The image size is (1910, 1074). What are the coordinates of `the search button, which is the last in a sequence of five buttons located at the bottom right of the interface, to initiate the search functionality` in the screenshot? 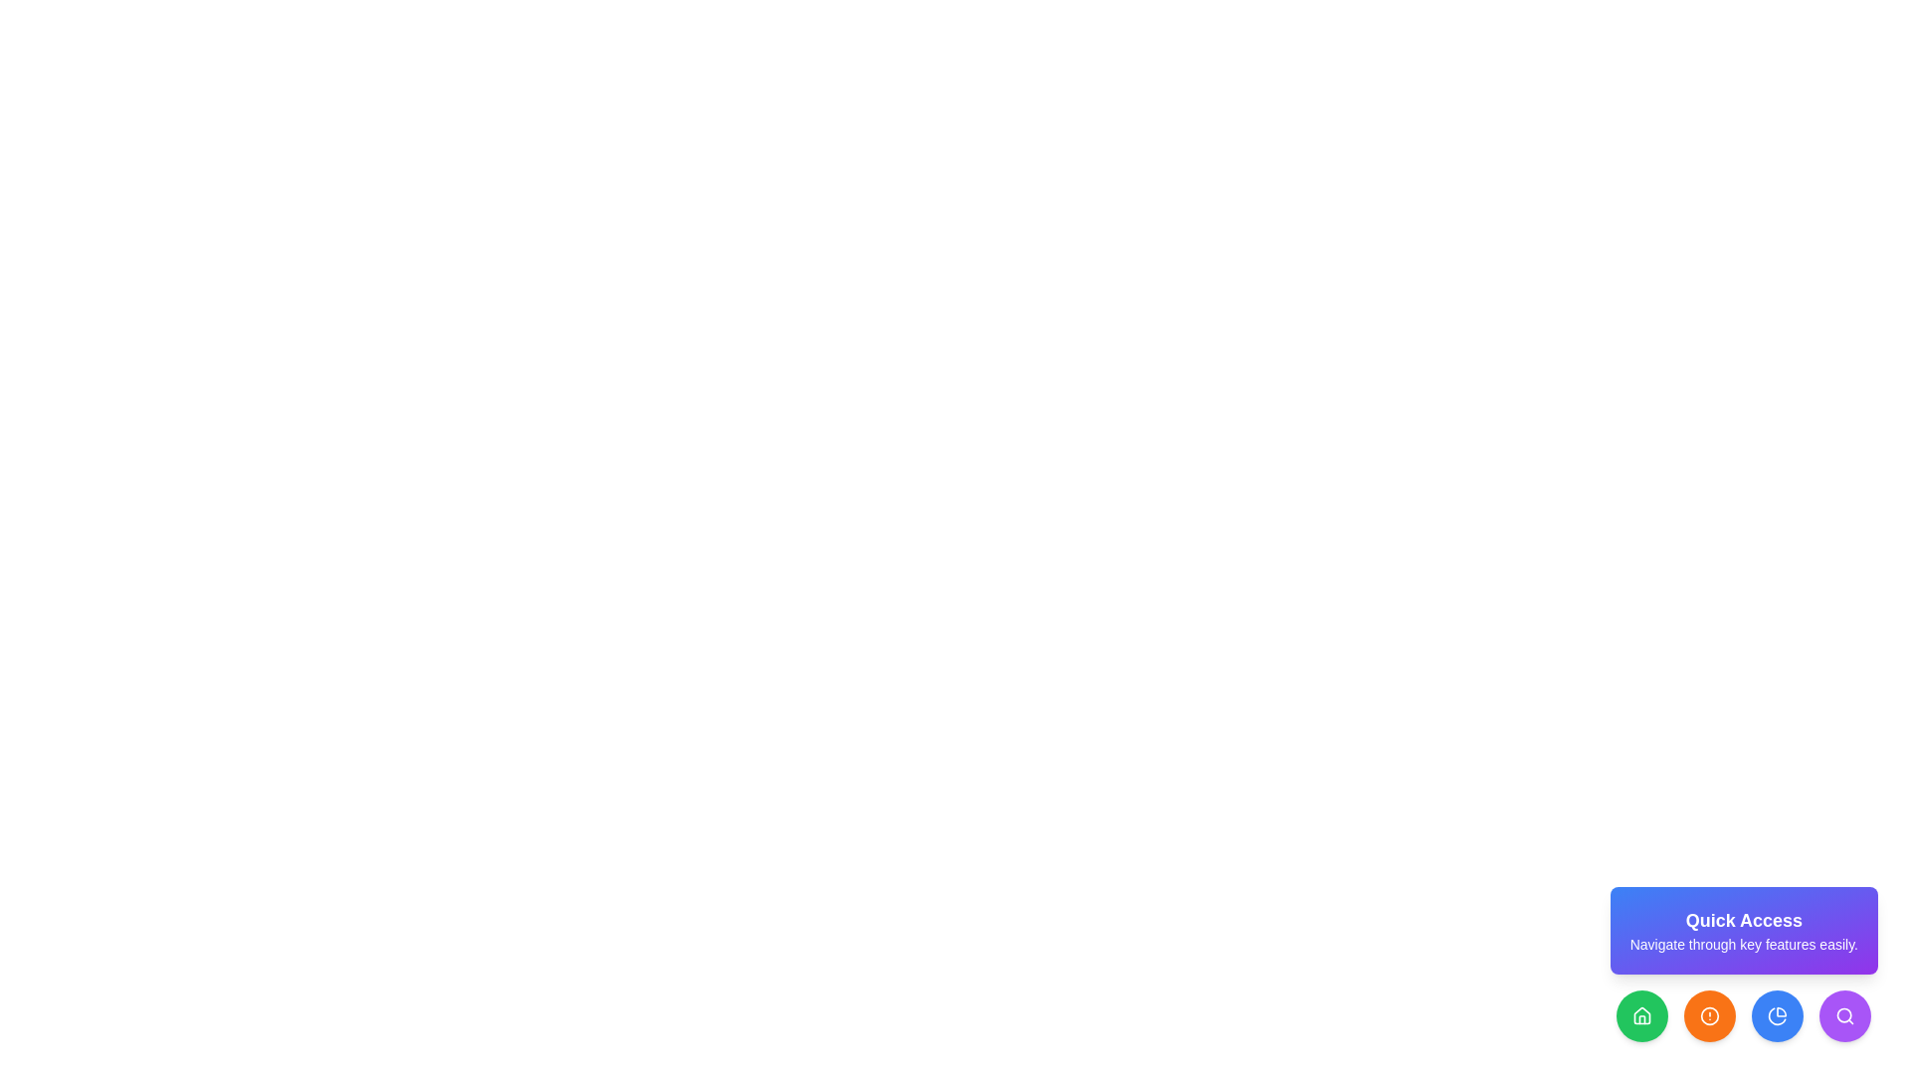 It's located at (1844, 1016).